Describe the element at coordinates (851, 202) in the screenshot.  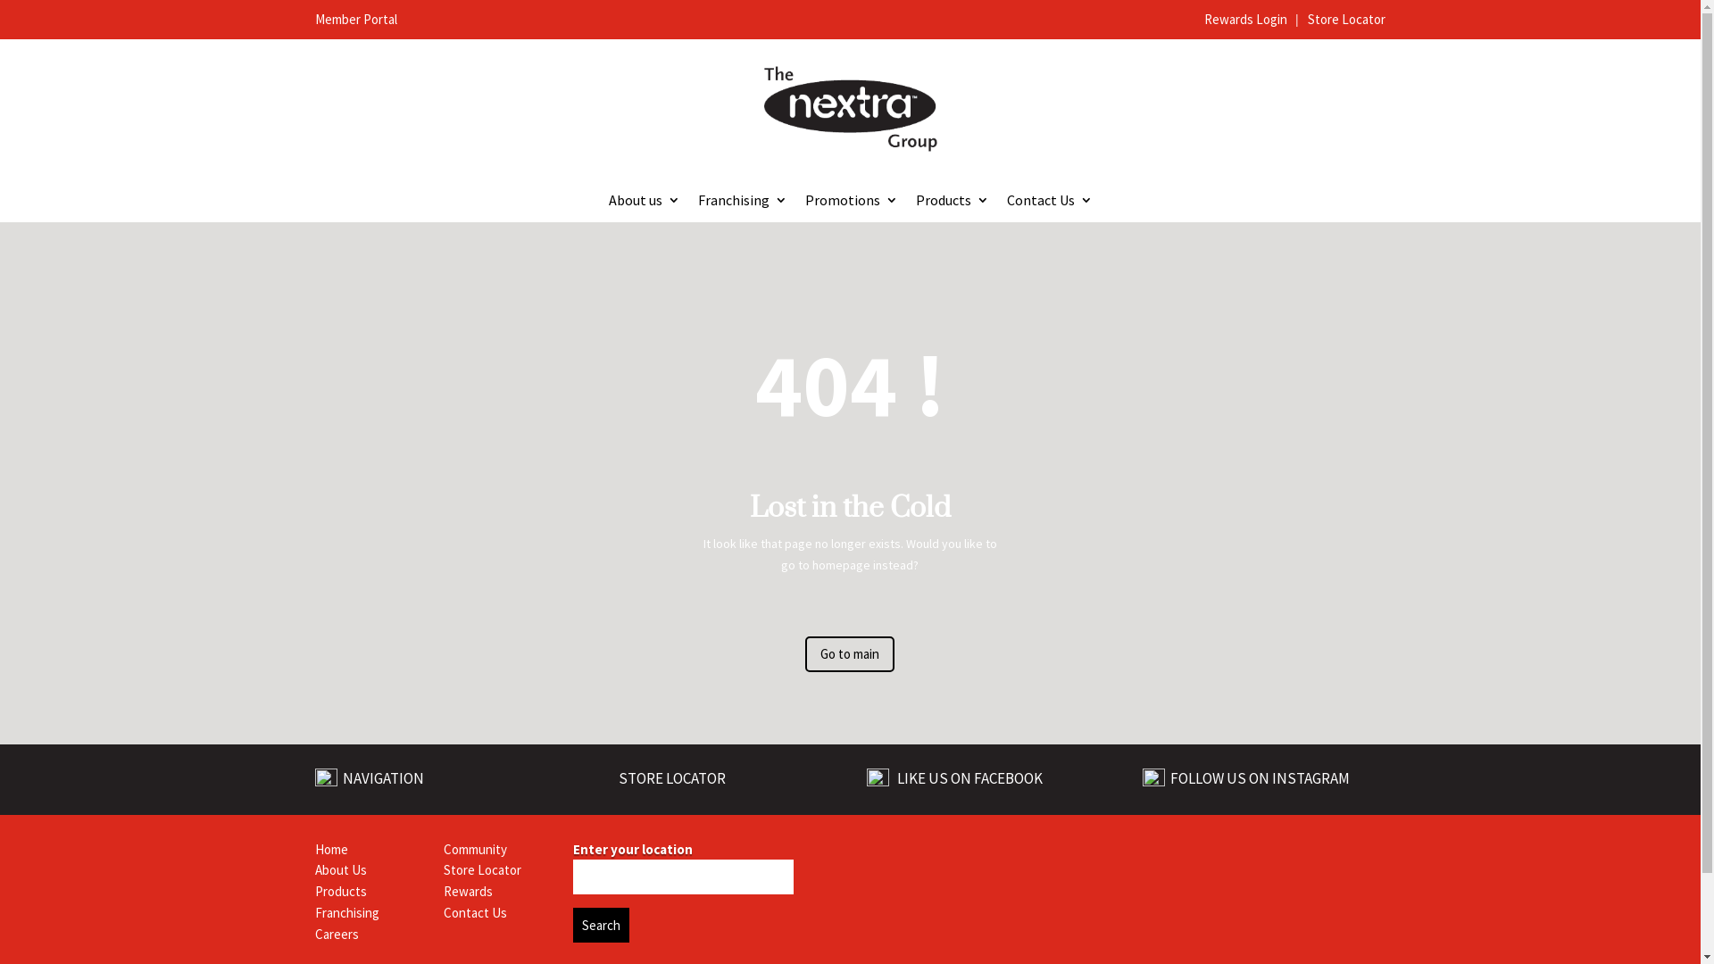
I see `'Promotions'` at that location.